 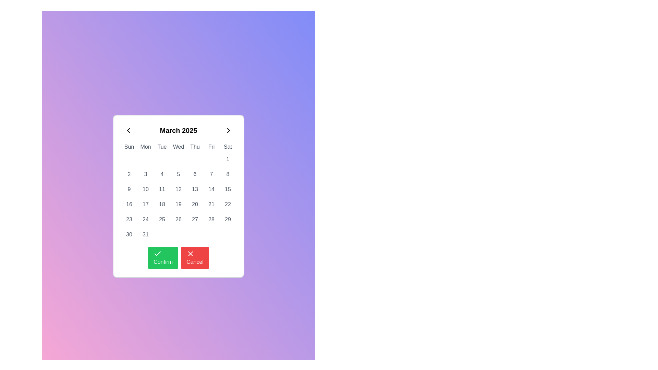 I want to click on the text label representing 'Sat' in the calendar's day header row, which is the rightmost element in the sequence of days of the week, so click(x=228, y=146).